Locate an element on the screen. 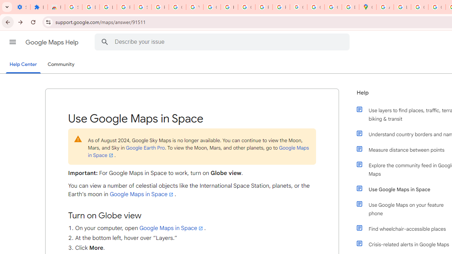  'Reviews: Helix Fruit Jump Arcade Game' is located at coordinates (56, 7).